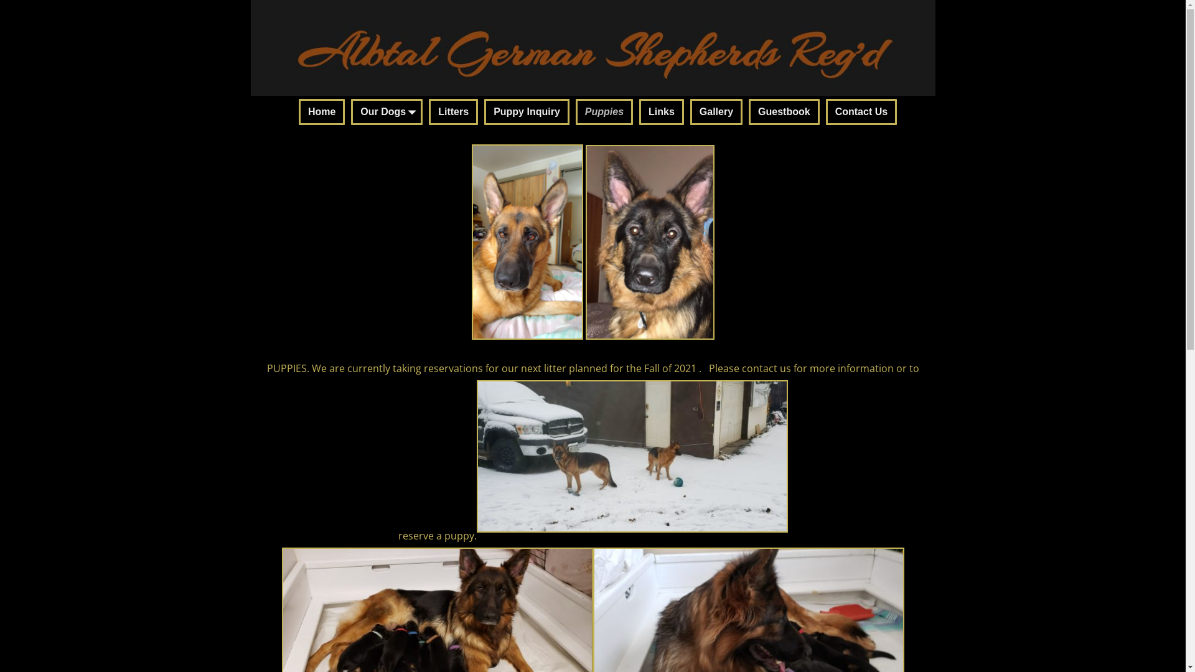  I want to click on 'Puppies', so click(604, 111).